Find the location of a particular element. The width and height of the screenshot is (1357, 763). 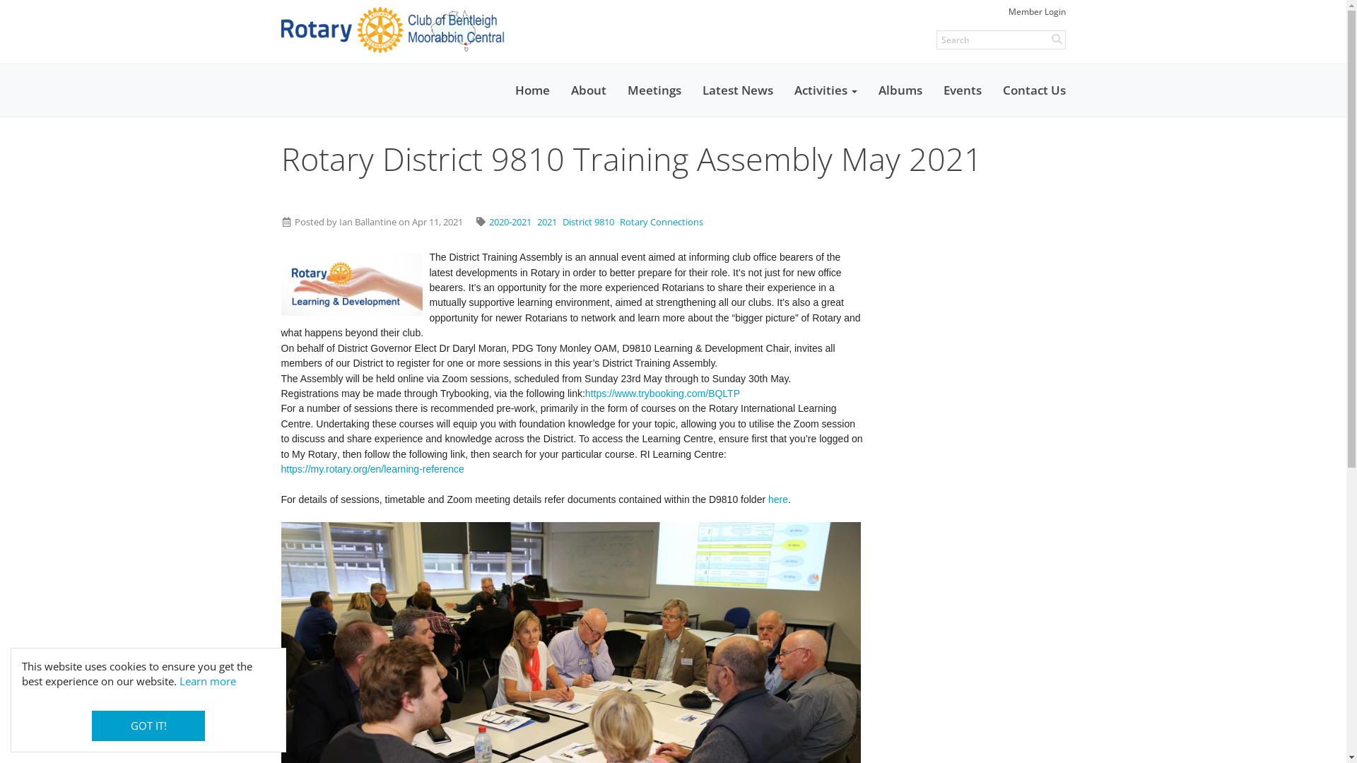

'Latest News' is located at coordinates (691, 90).